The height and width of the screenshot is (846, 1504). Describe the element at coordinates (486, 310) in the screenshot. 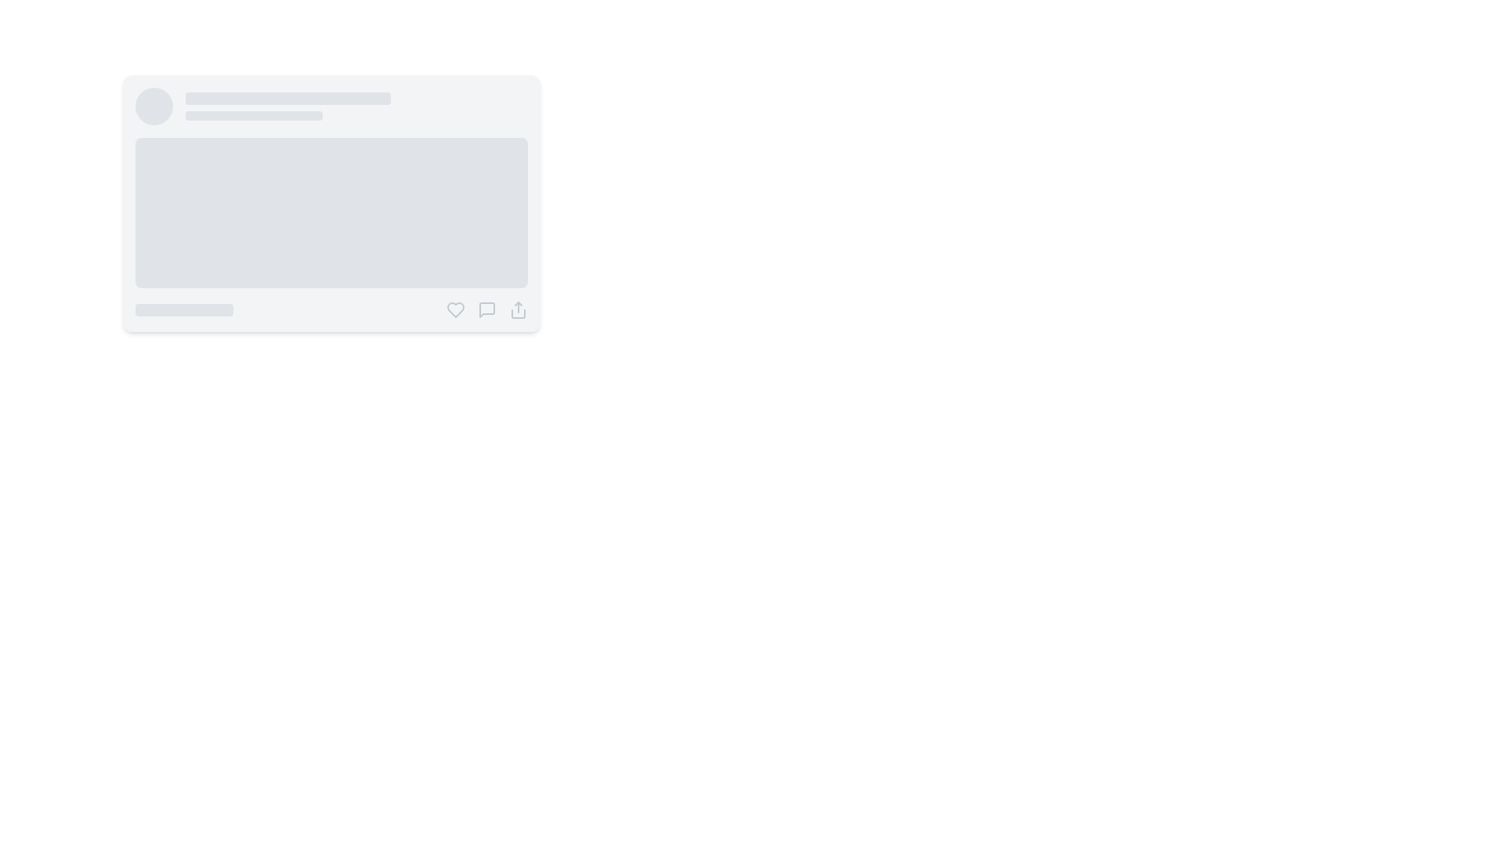

I see `the comment icon located in the lower right corner of the card, which is the second icon from the left in a group of three icons, to interact with it` at that location.